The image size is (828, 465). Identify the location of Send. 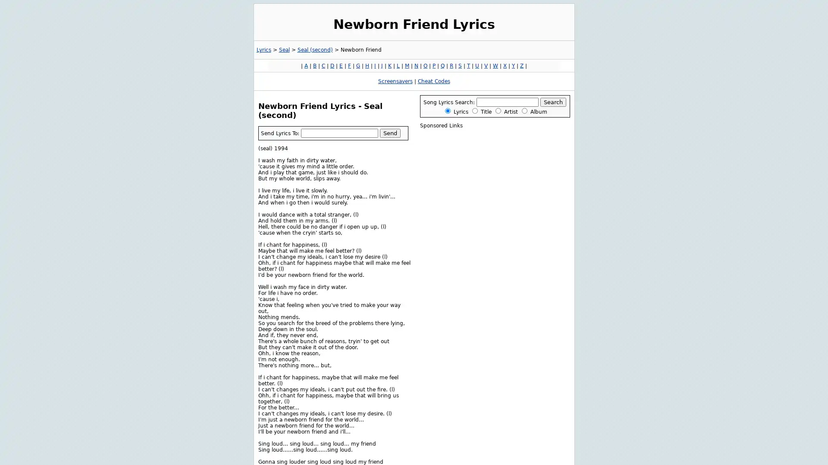
(389, 133).